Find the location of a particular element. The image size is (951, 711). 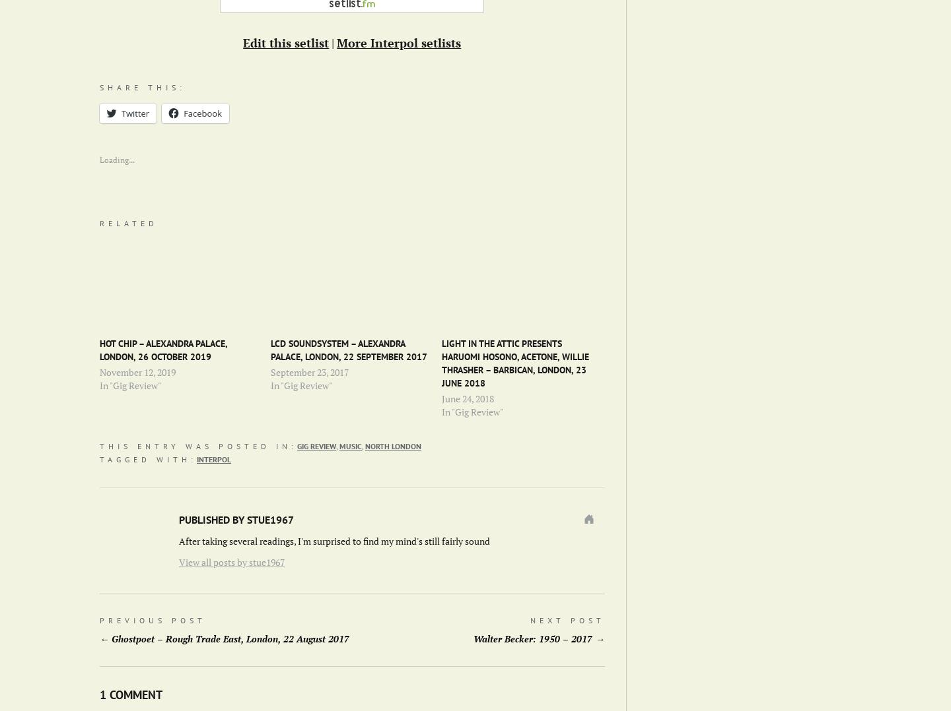

'After taking several readings, I'm surprised to find my mind's still fairly sound' is located at coordinates (334, 541).